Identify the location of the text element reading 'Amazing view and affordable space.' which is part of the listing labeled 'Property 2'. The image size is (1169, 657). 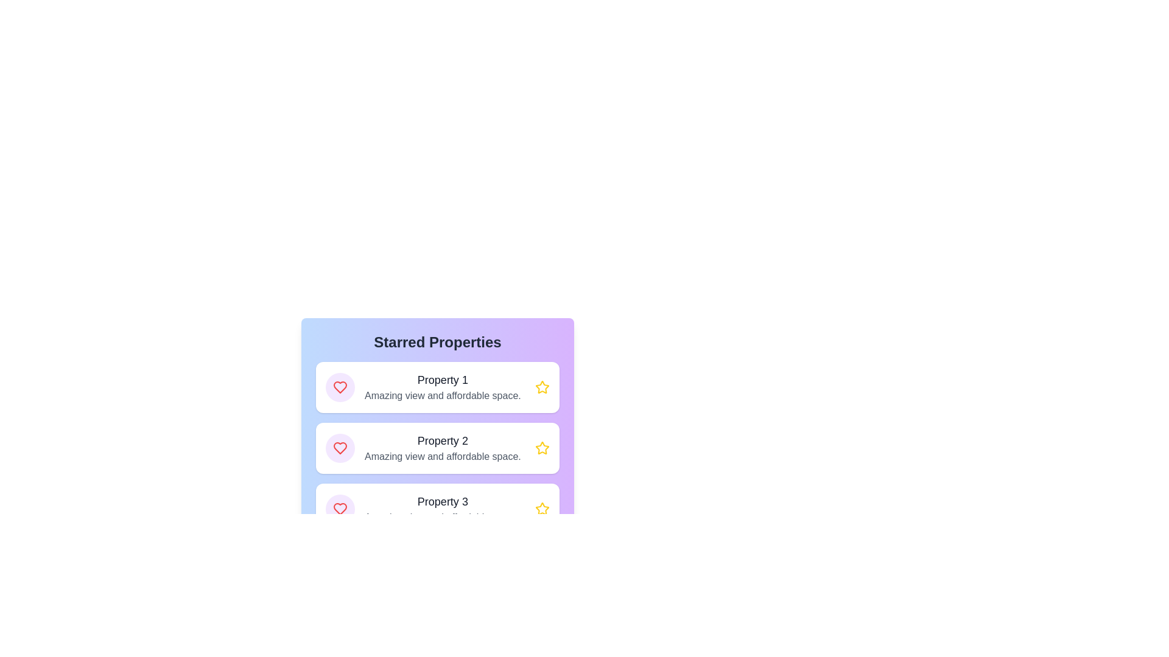
(442, 457).